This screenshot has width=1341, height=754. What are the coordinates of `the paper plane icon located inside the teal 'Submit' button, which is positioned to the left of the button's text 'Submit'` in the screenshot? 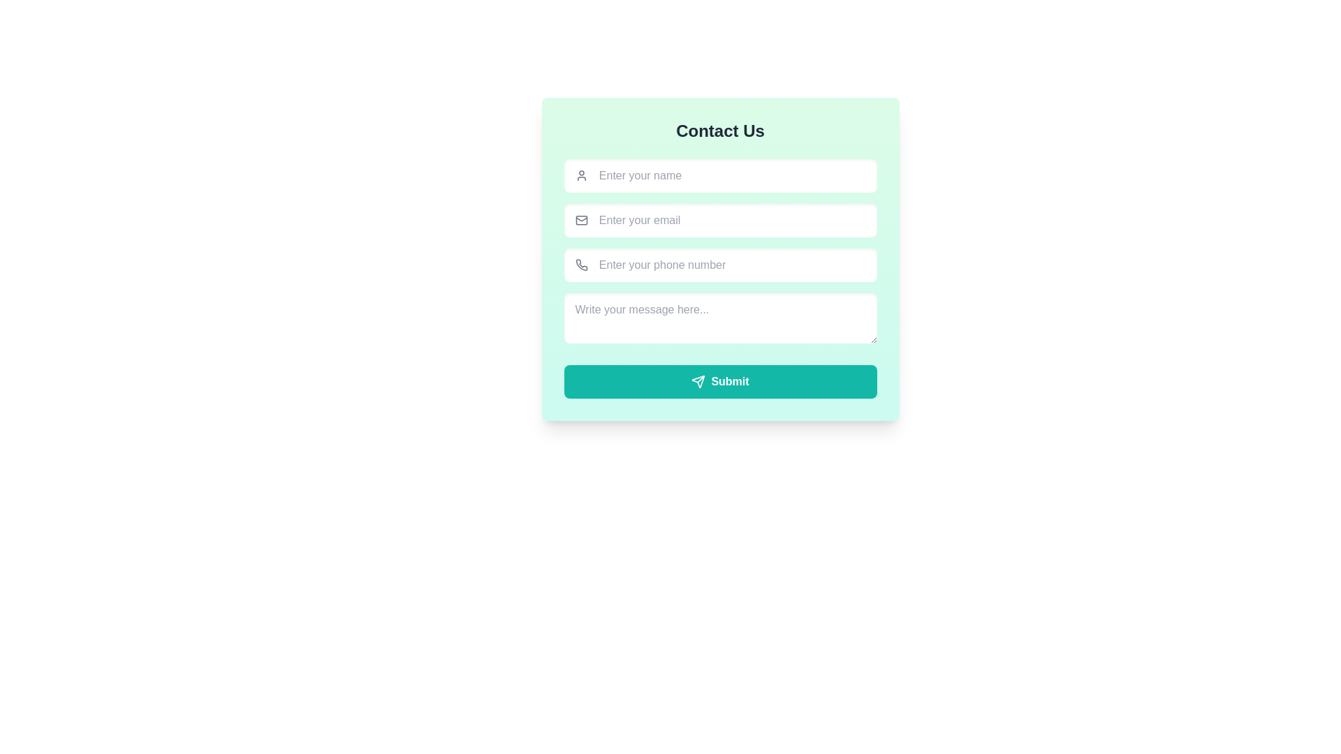 It's located at (698, 382).